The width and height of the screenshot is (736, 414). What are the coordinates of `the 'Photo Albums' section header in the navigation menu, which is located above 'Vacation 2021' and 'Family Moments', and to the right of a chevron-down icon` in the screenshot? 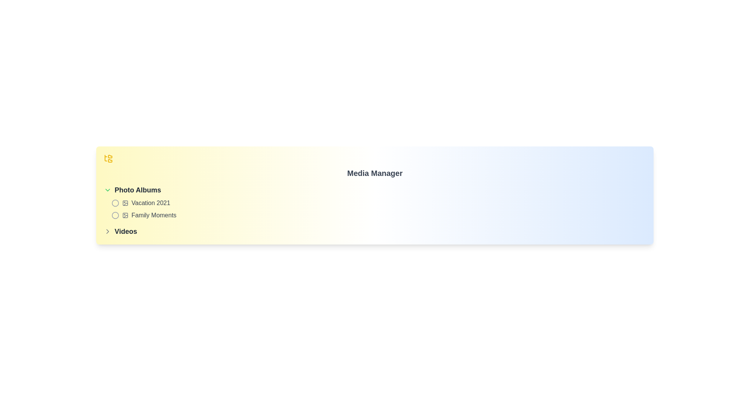 It's located at (138, 190).